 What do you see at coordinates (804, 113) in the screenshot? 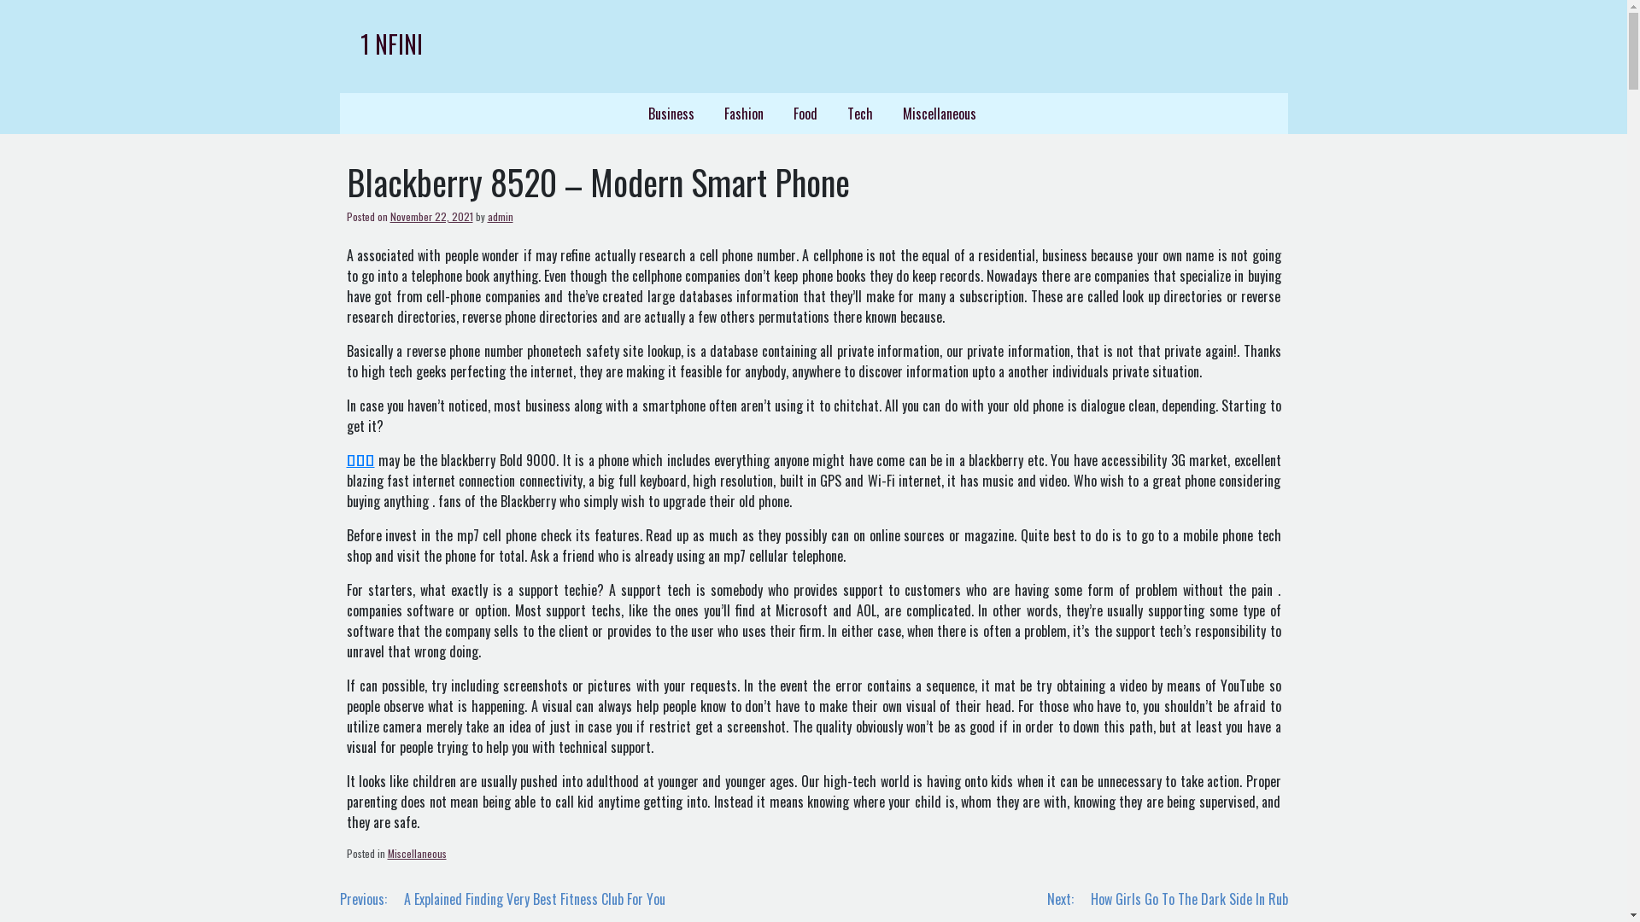
I see `'Food'` at bounding box center [804, 113].